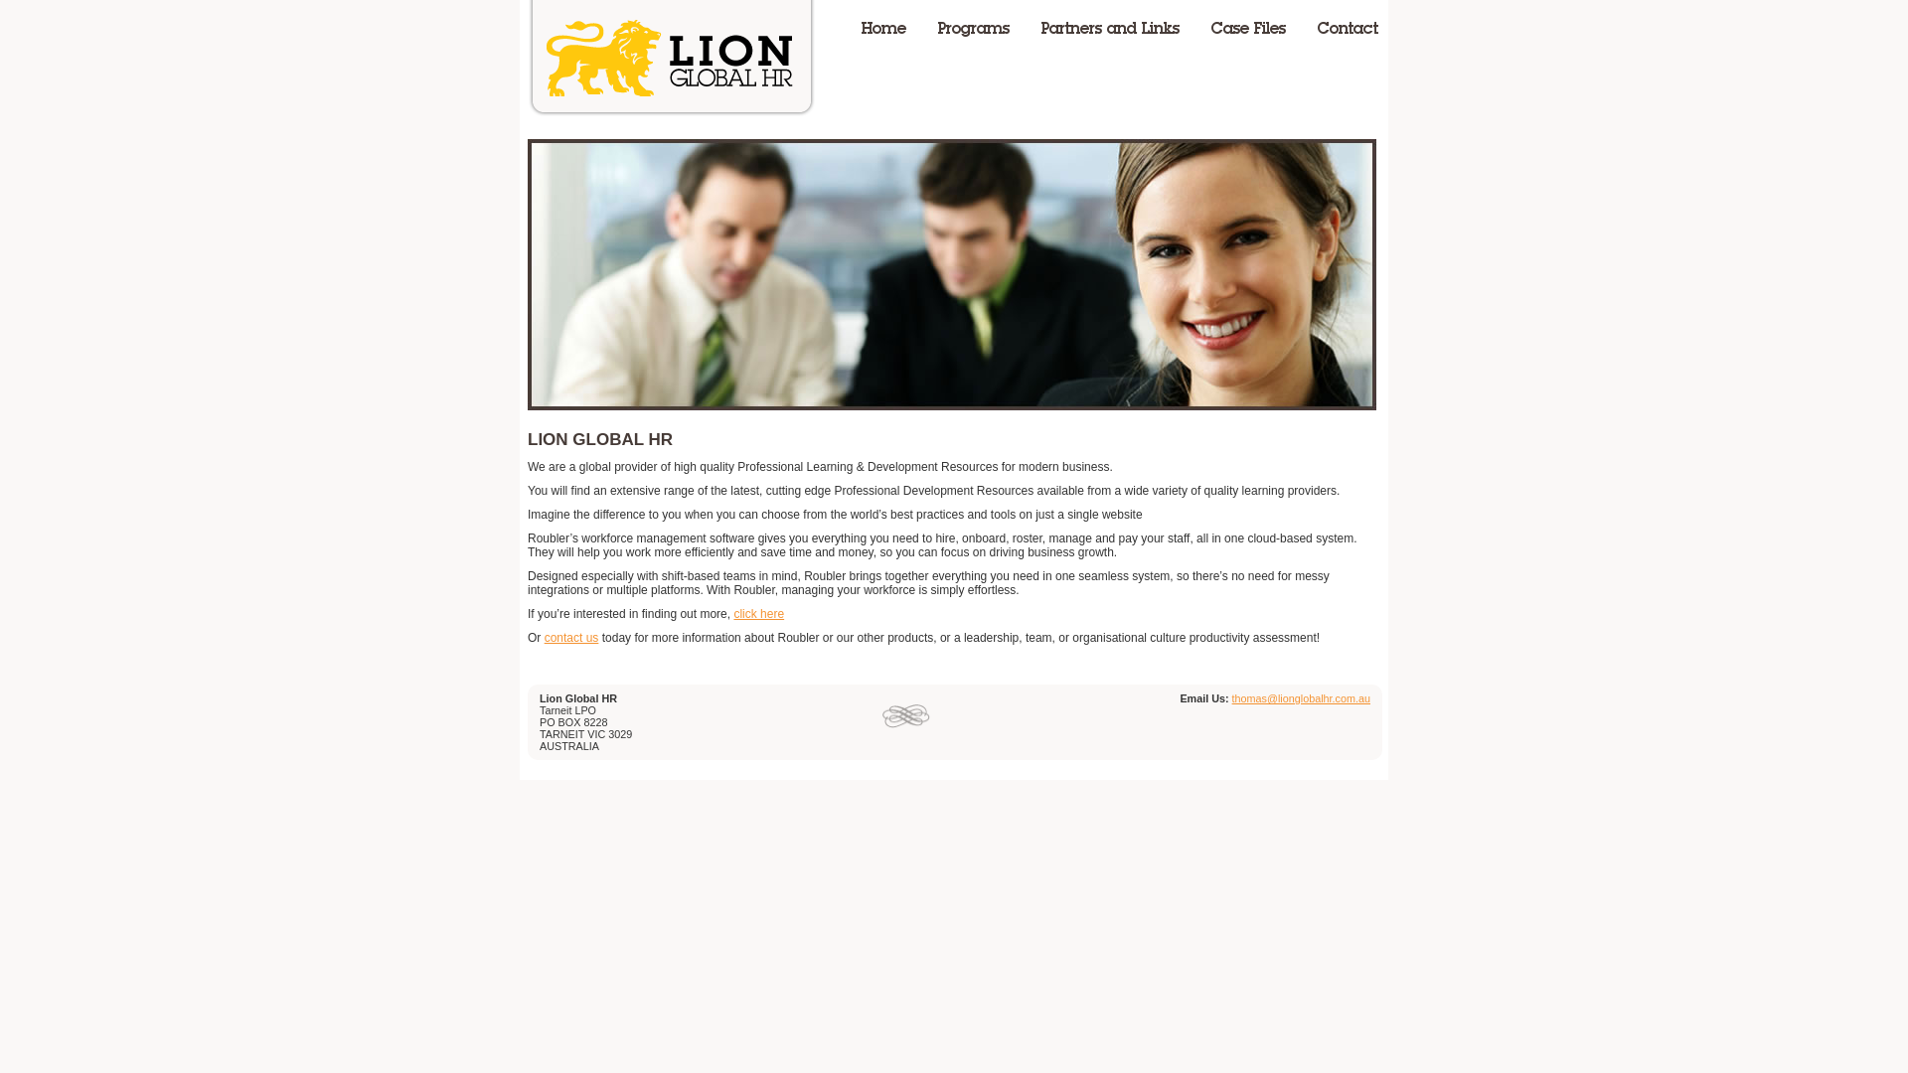 This screenshot has height=1073, width=1908. I want to click on 'thomas@lionglobalhr.com.au', so click(1230, 696).